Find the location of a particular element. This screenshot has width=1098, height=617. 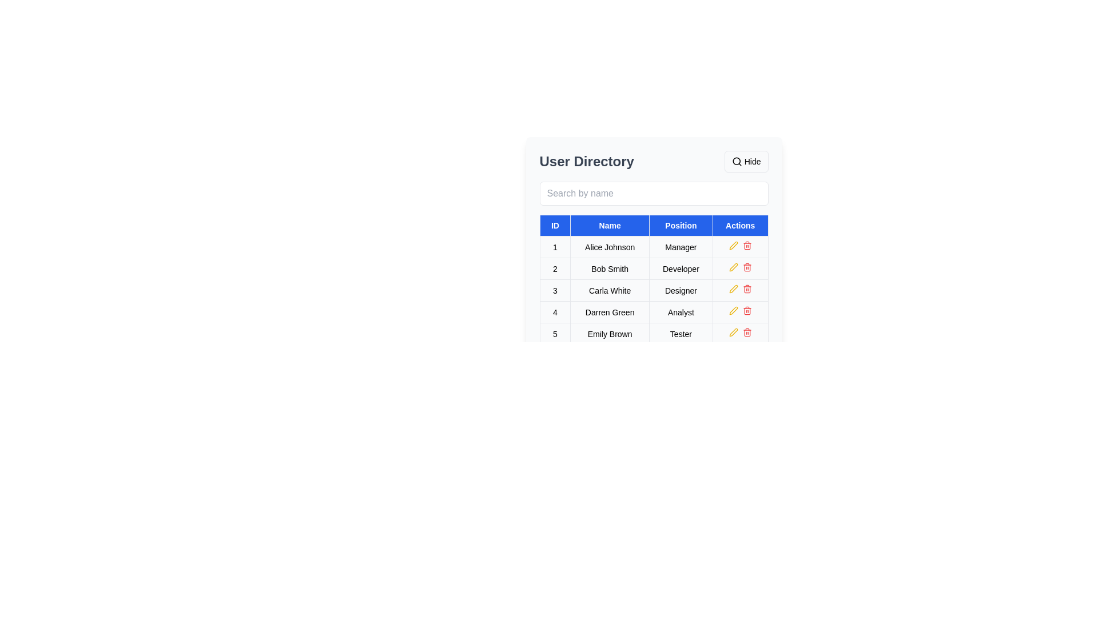

the table cell containing the number '3' in the first column of the table, aligned with 'Carla White' and 'Designer' in the third row is located at coordinates (555, 290).